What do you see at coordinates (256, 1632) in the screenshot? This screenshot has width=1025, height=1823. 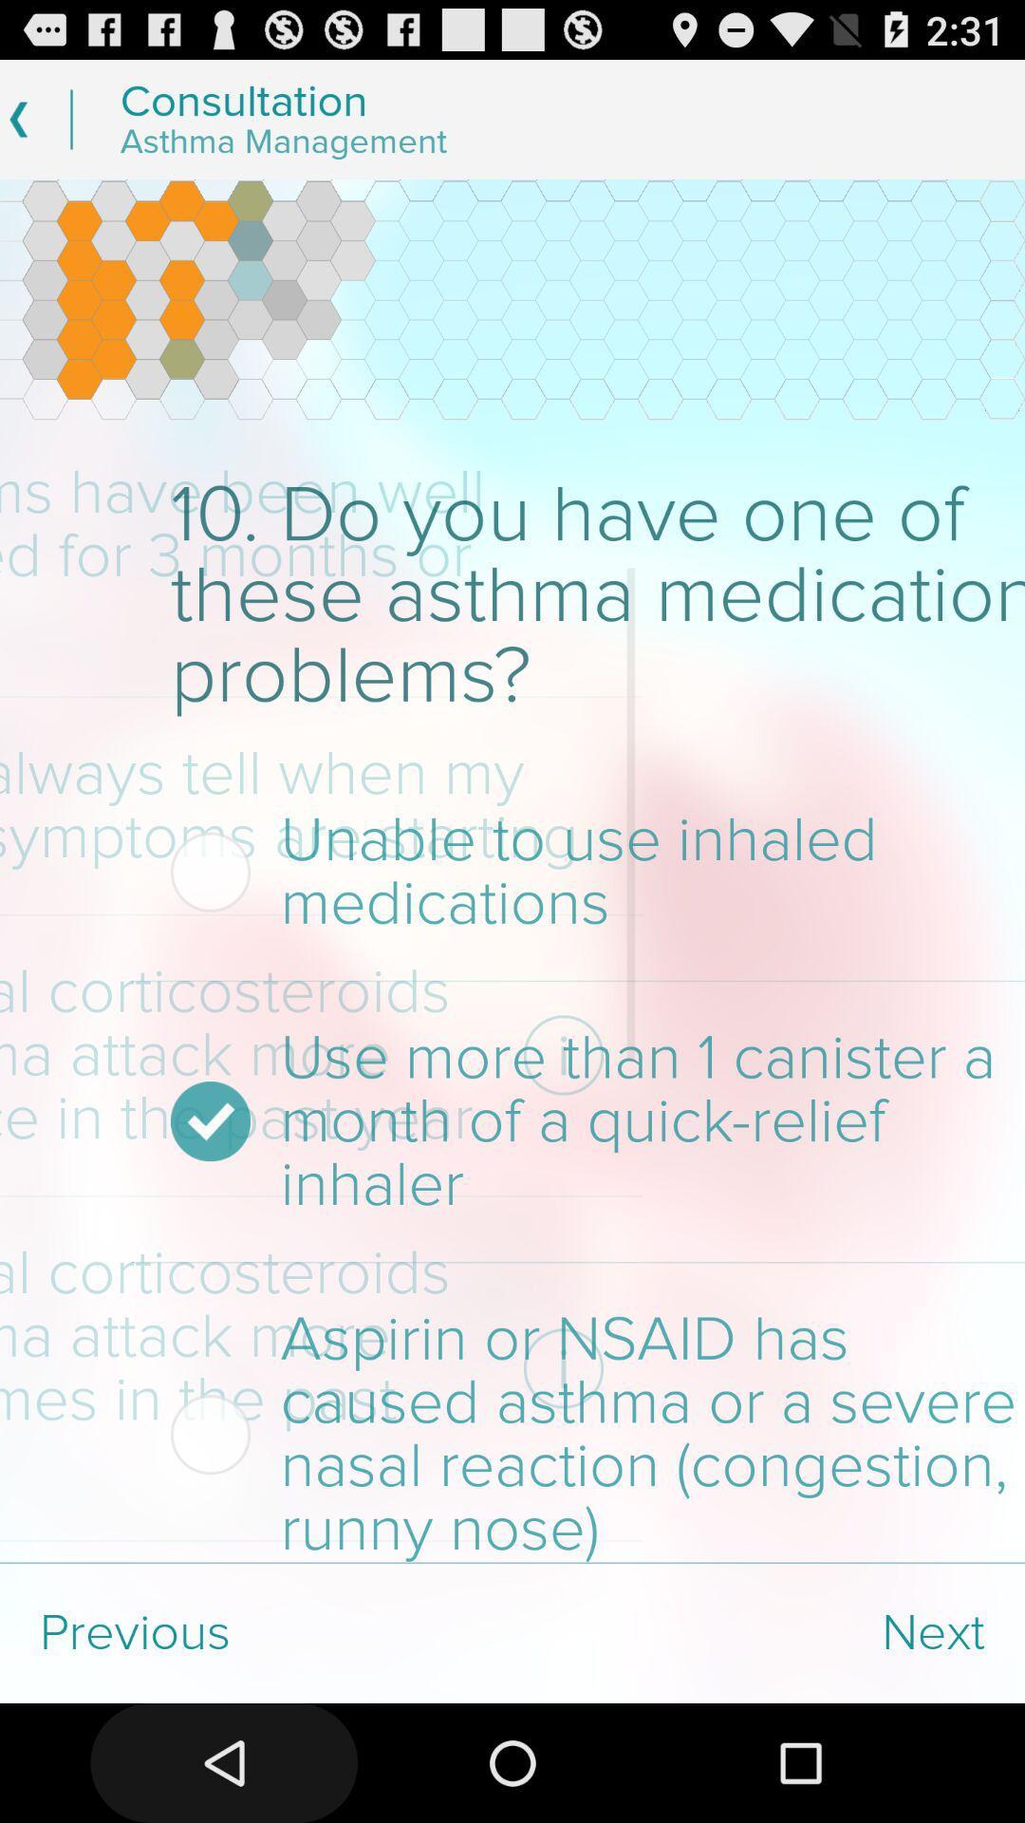 I see `previous icon` at bounding box center [256, 1632].